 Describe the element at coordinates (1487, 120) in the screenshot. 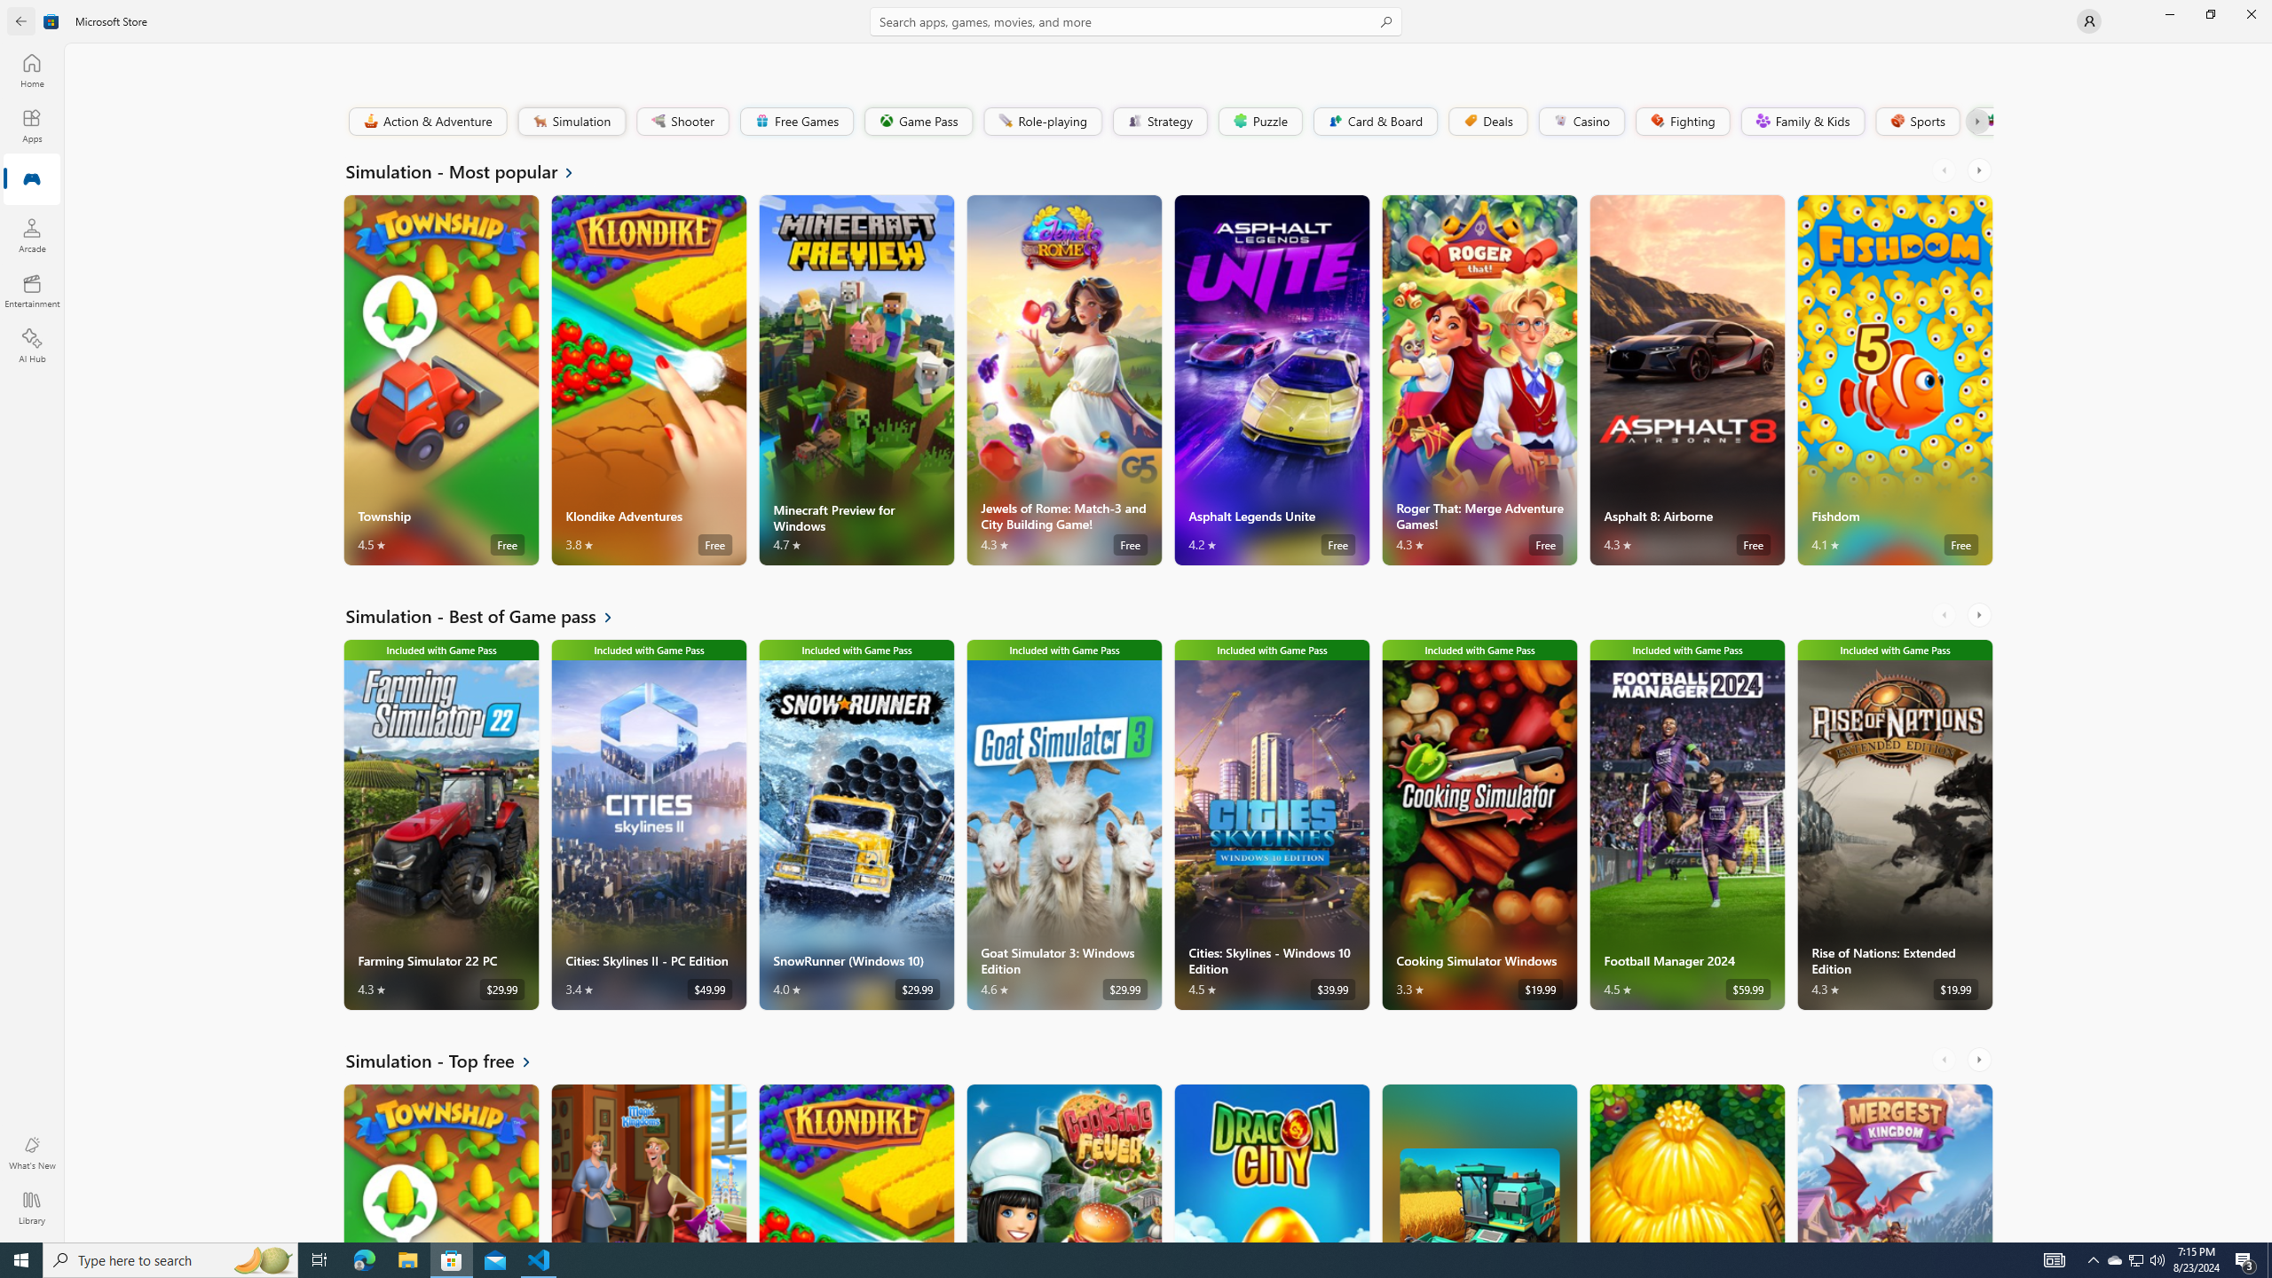

I see `'Deals'` at that location.